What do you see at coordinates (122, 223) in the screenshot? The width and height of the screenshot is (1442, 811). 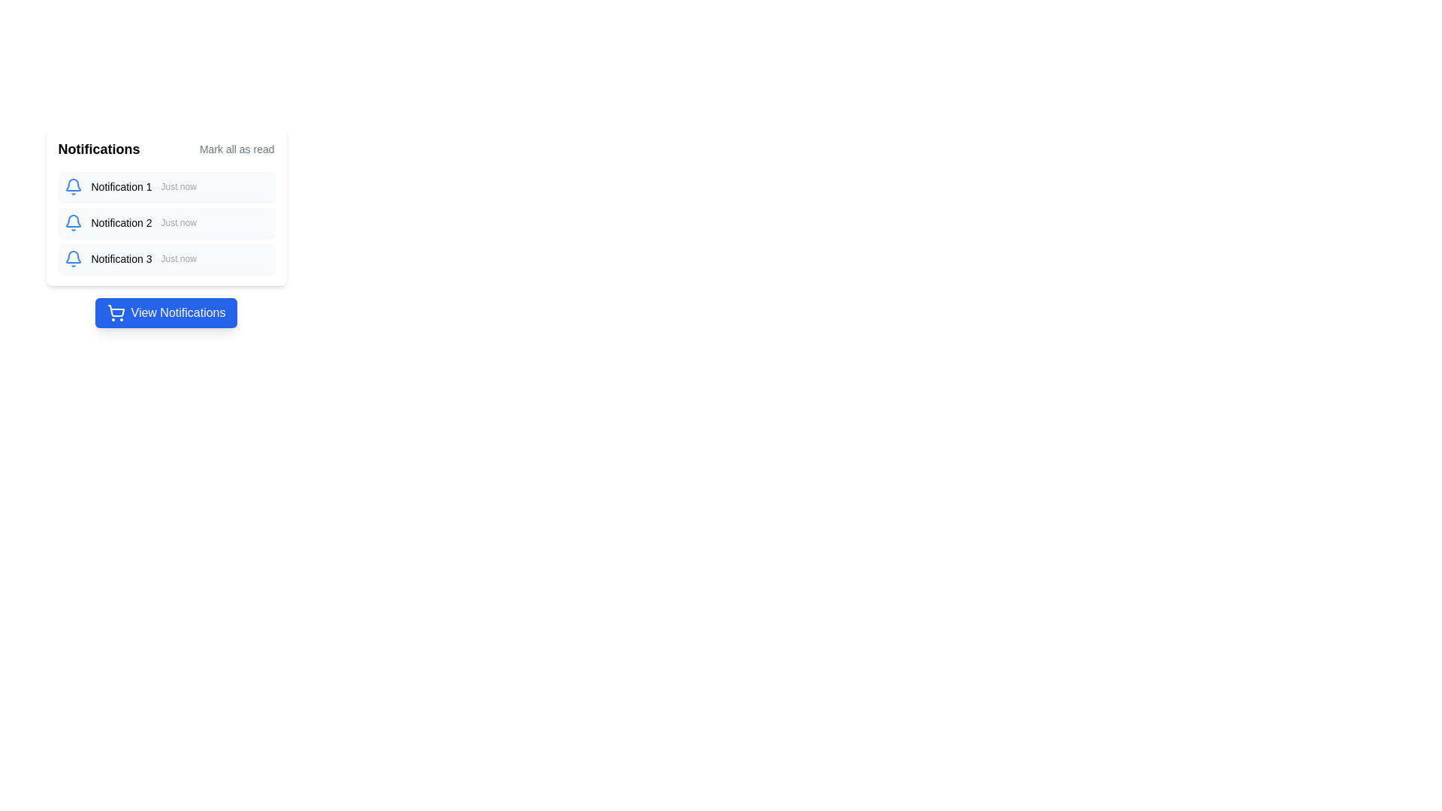 I see `the text label displaying 'Notification 2' in the second notification row, which is located between a bell icon and a 'Just now' timestamp` at bounding box center [122, 223].